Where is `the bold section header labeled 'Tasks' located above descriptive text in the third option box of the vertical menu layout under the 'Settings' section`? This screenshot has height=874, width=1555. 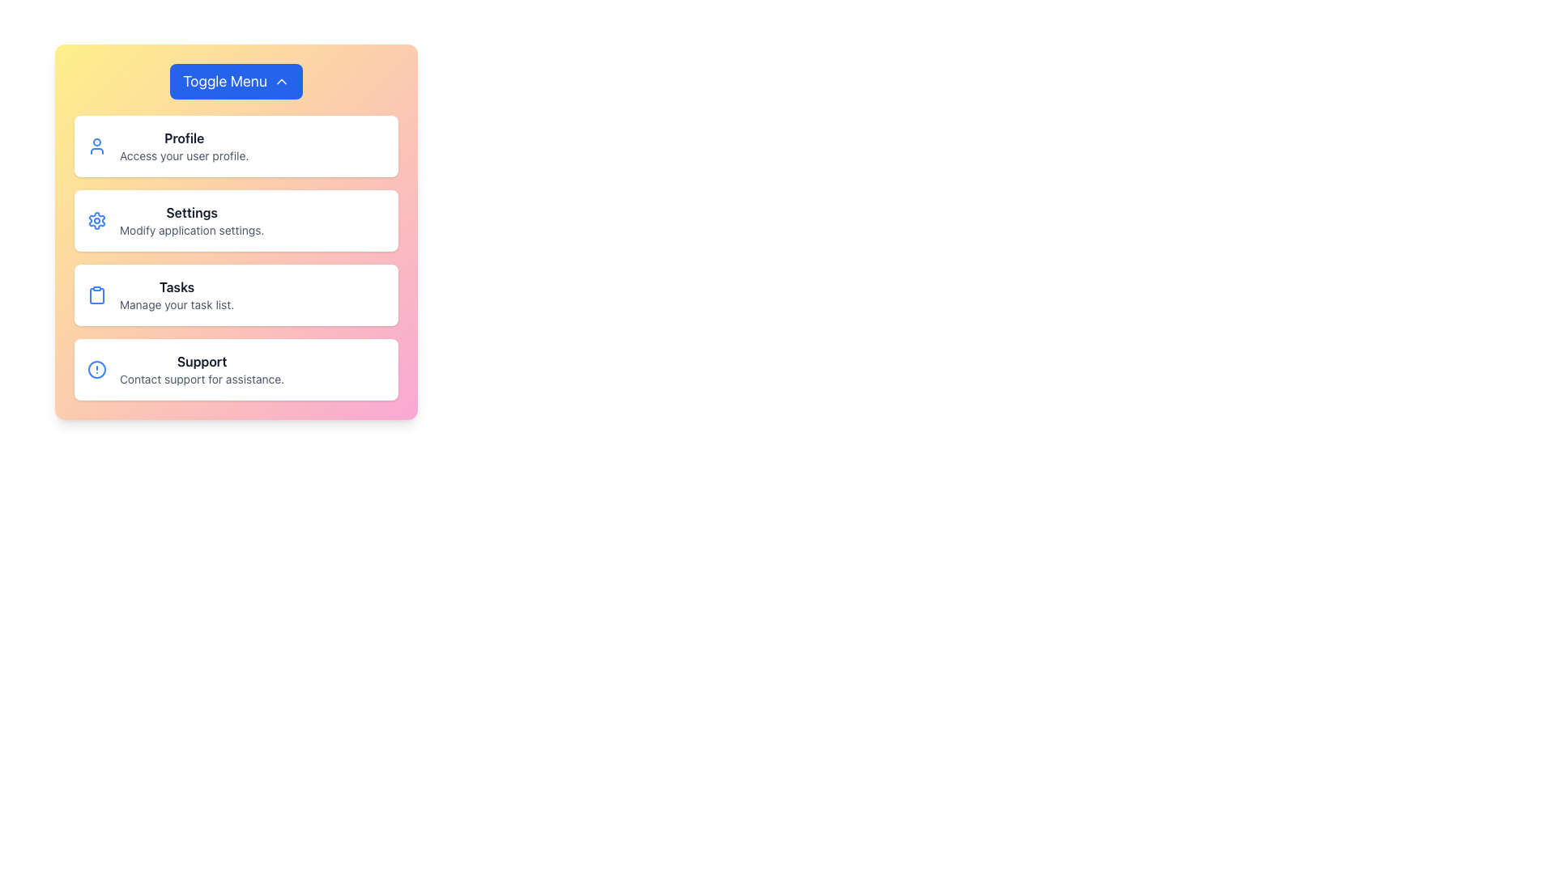
the bold section header labeled 'Tasks' located above descriptive text in the third option box of the vertical menu layout under the 'Settings' section is located at coordinates (177, 286).